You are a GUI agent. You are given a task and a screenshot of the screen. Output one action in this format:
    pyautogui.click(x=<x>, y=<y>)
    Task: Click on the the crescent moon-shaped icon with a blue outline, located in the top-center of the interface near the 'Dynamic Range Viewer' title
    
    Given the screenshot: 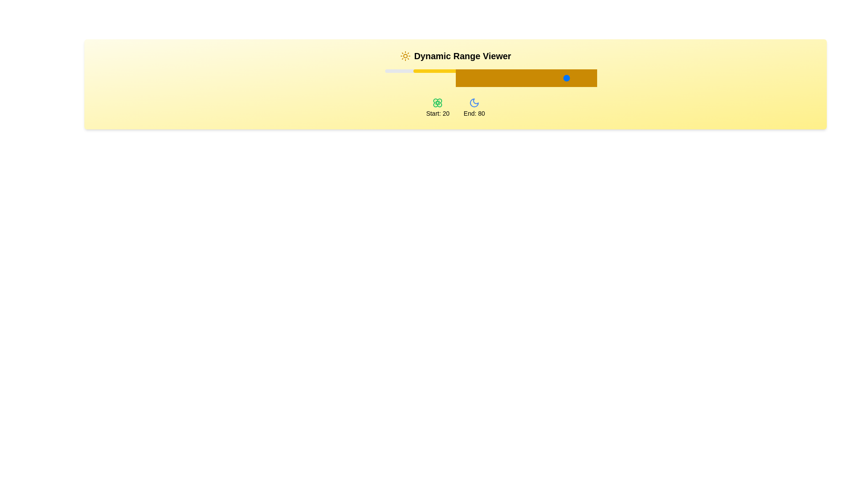 What is the action you would take?
    pyautogui.click(x=474, y=102)
    